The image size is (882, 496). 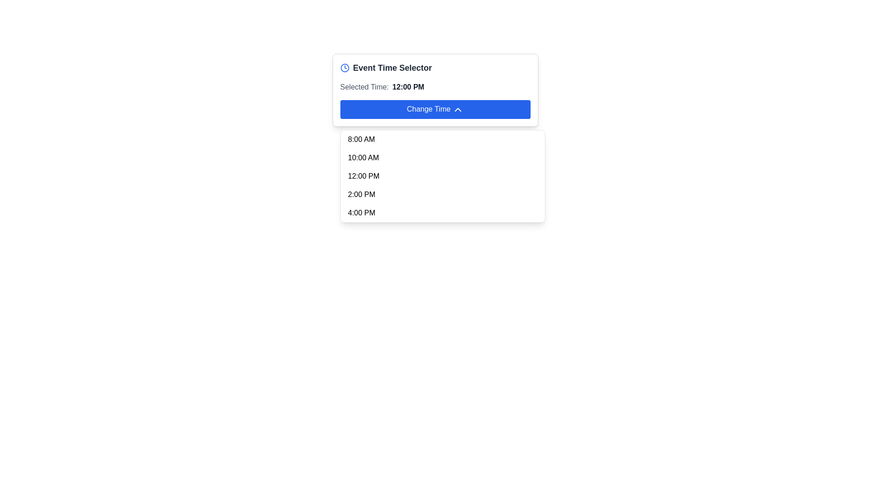 I want to click on the fifth item in the dropdown menu that allows the user to select '4:00 PM' as a time option, so click(x=442, y=213).